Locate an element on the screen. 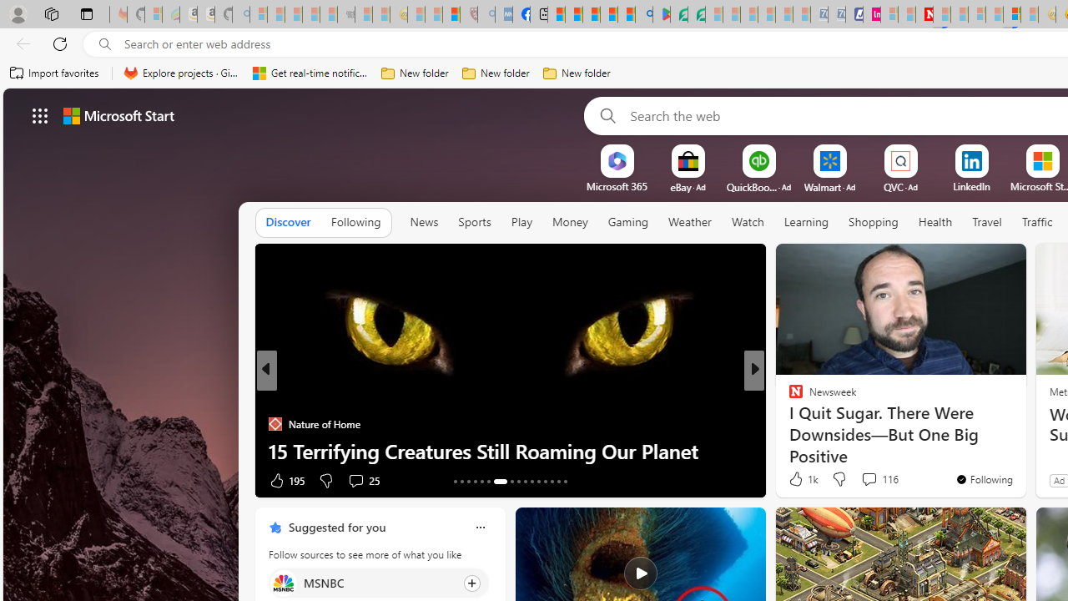 This screenshot has width=1068, height=601. 'Cheap Car Rentals - Save70.com - Sleeping' is located at coordinates (819, 14).